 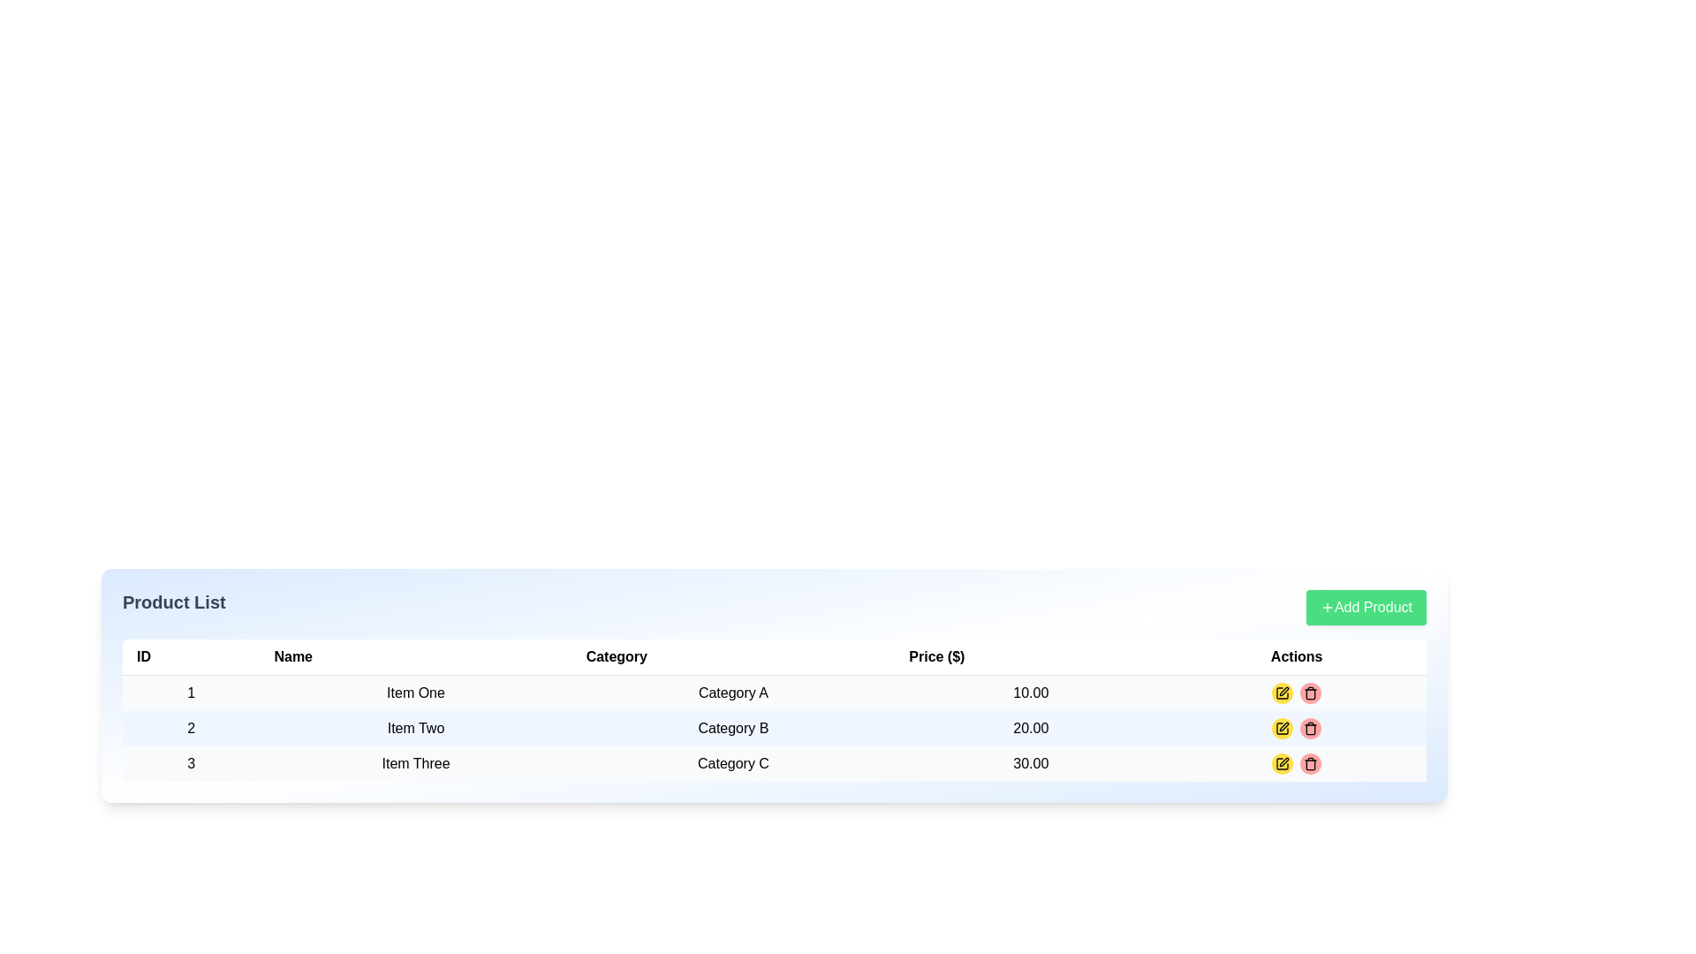 I want to click on the 'Edit' button, so click(x=1283, y=693).